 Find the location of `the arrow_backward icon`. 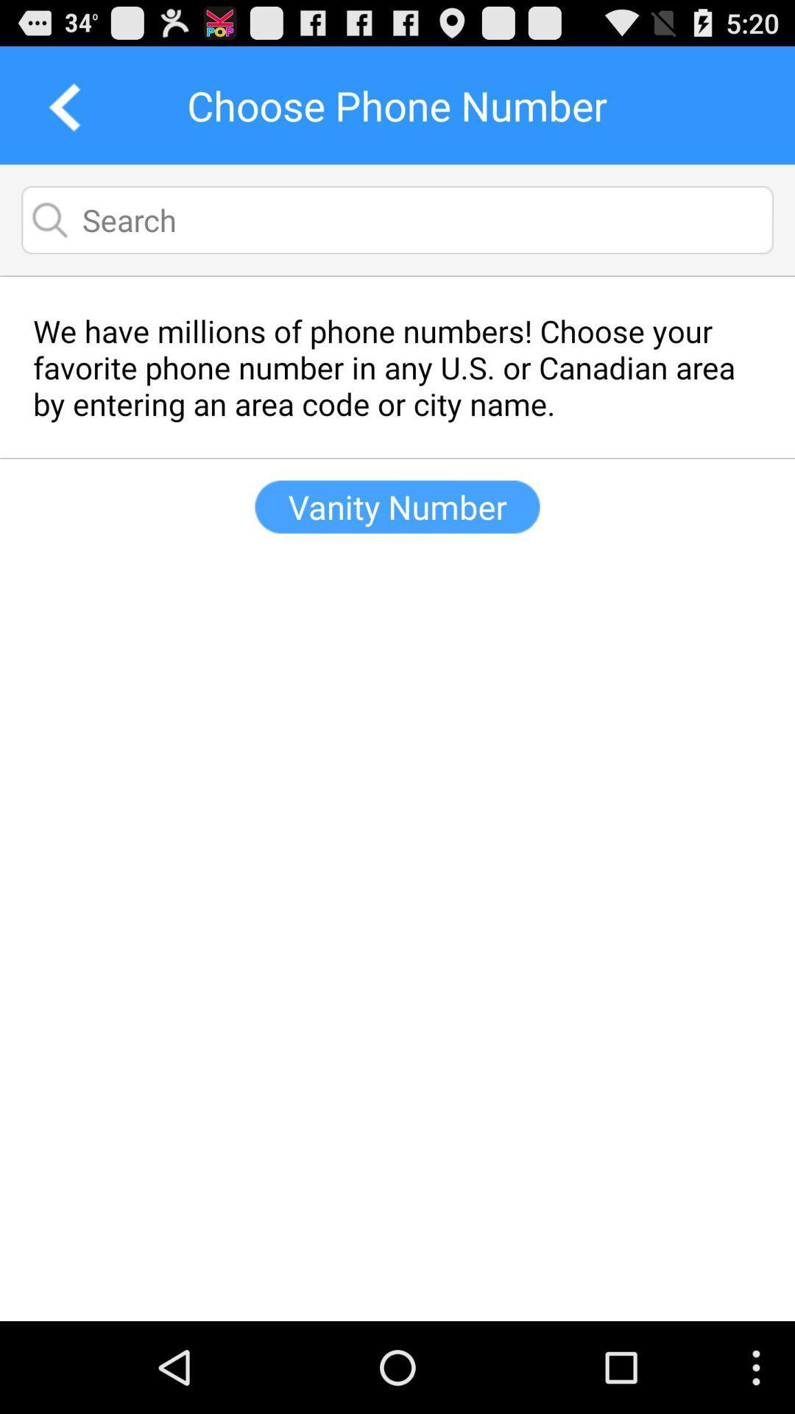

the arrow_backward icon is located at coordinates (59, 112).